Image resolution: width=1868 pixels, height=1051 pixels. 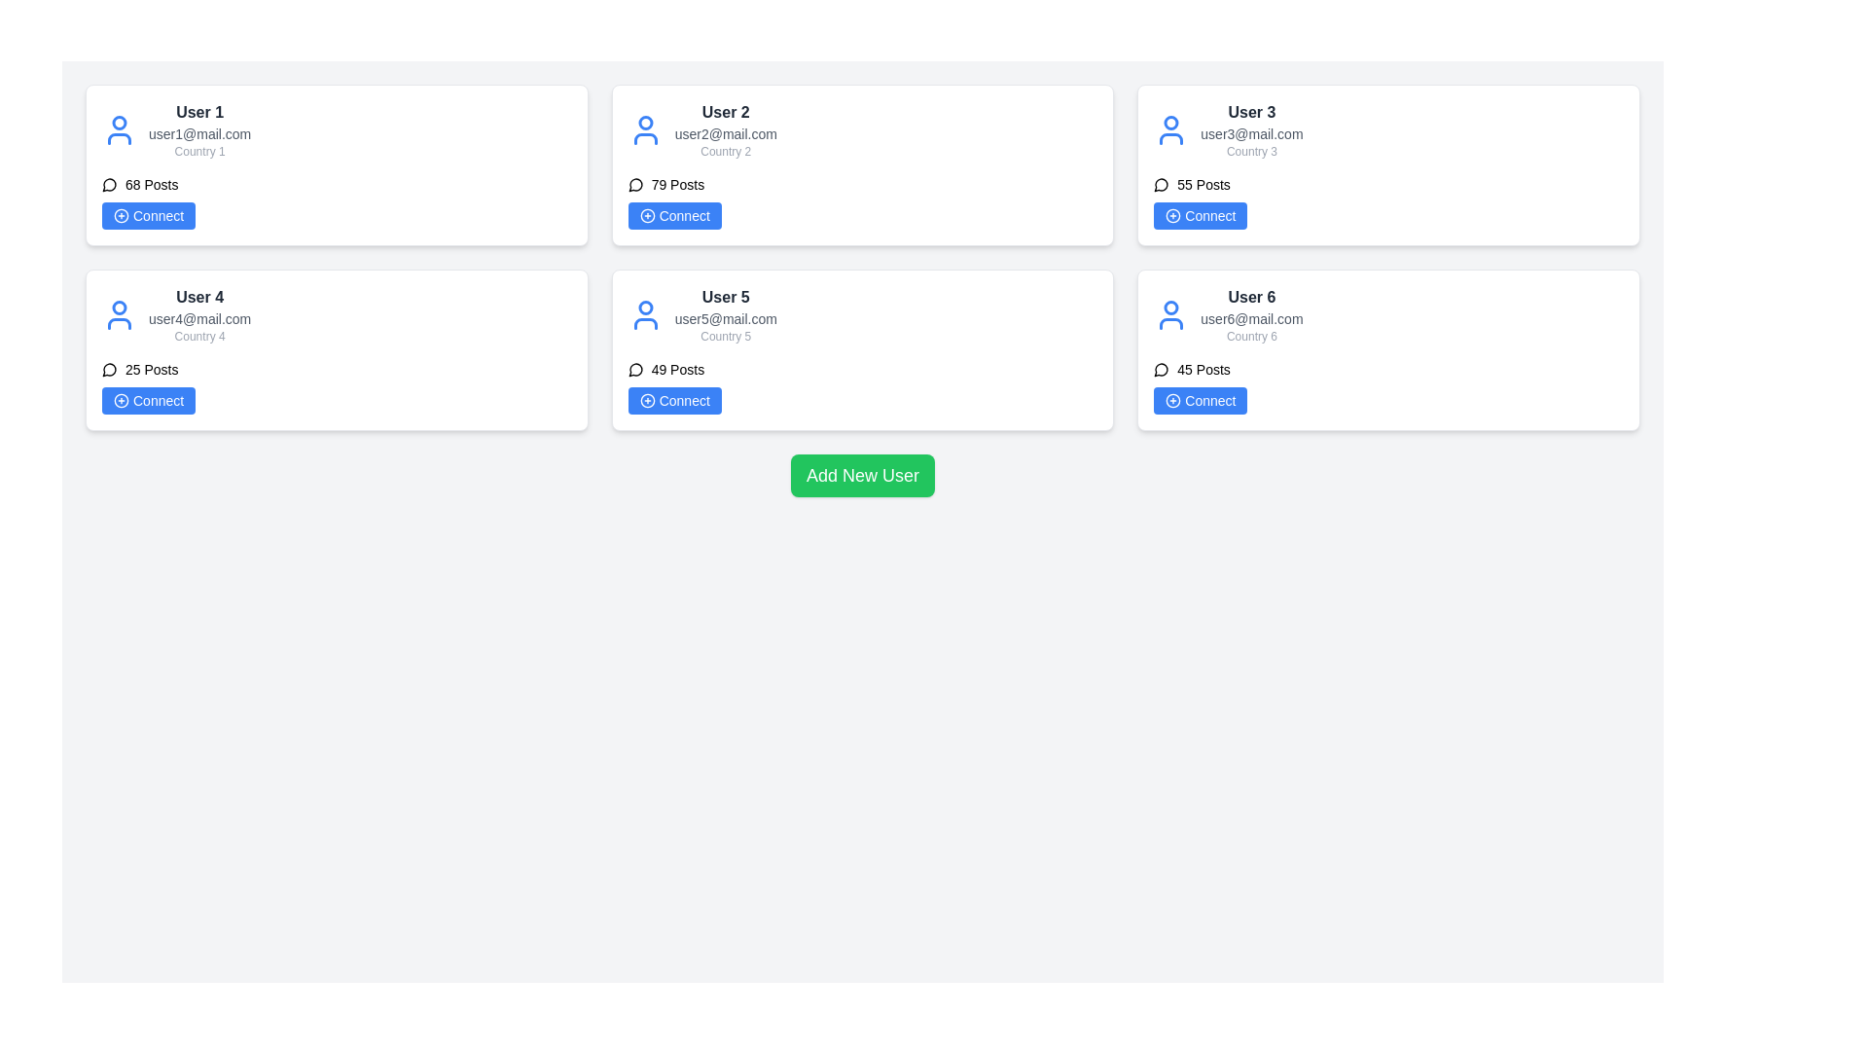 What do you see at coordinates (1251, 130) in the screenshot?
I see `the static text display in the upper right card of the grid layout that shows user details such as name, email, and country of residence` at bounding box center [1251, 130].